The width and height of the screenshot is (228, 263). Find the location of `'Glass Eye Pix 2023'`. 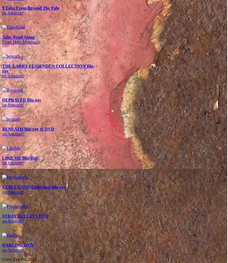

'Glass Eye Pix 2023' is located at coordinates (19, 259).